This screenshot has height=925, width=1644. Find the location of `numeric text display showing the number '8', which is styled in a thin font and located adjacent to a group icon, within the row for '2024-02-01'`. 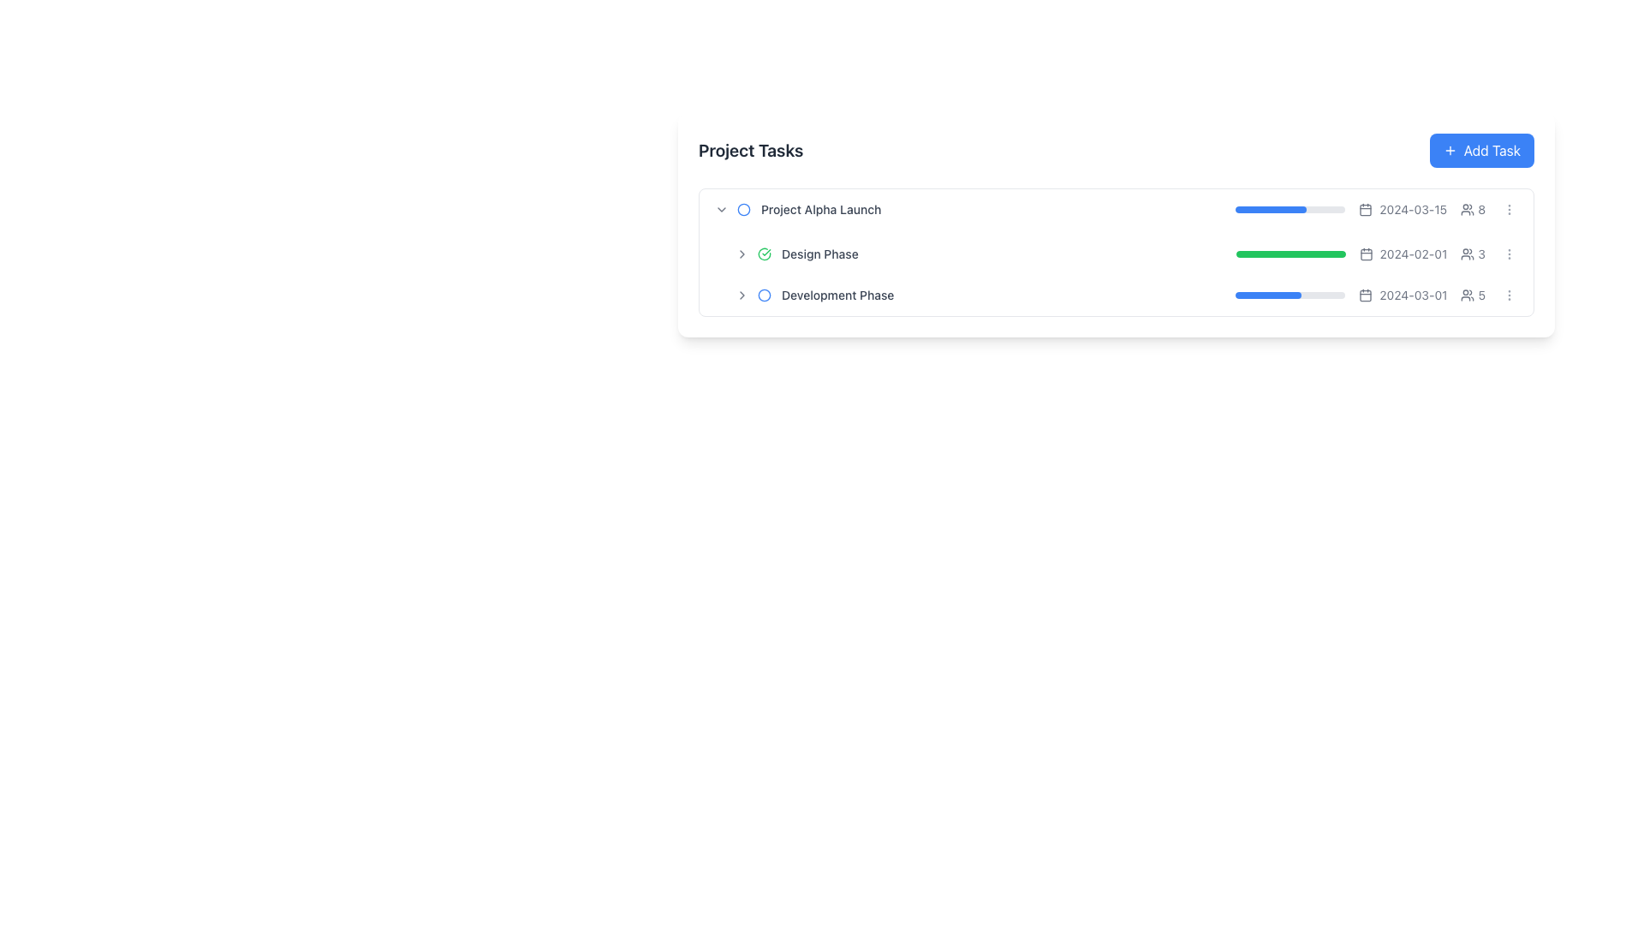

numeric text display showing the number '8', which is styled in a thin font and located adjacent to a group icon, within the row for '2024-02-01' is located at coordinates (1480, 209).